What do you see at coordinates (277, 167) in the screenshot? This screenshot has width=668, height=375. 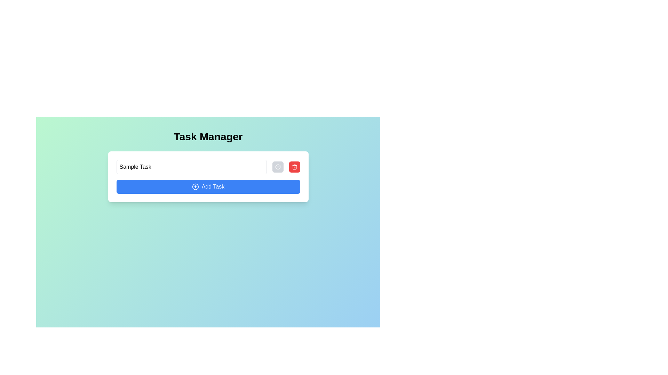 I see `the Interactive Icon (SVG) within the task management UI` at bounding box center [277, 167].